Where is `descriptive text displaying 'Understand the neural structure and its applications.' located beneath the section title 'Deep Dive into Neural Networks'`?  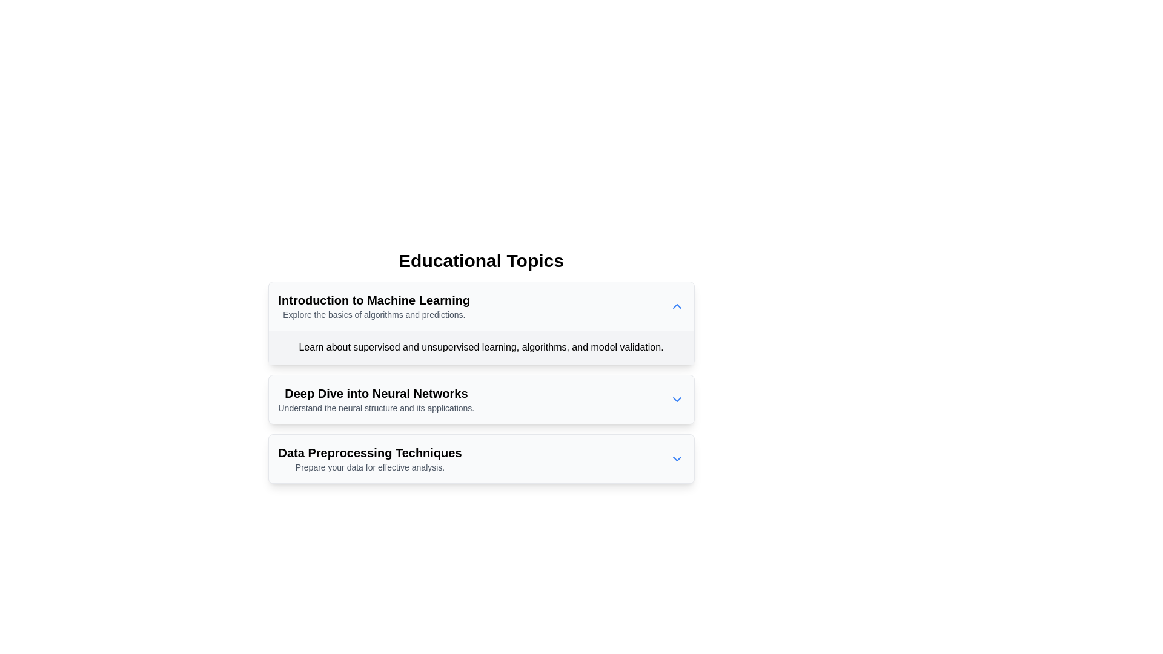 descriptive text displaying 'Understand the neural structure and its applications.' located beneath the section title 'Deep Dive into Neural Networks' is located at coordinates (376, 408).